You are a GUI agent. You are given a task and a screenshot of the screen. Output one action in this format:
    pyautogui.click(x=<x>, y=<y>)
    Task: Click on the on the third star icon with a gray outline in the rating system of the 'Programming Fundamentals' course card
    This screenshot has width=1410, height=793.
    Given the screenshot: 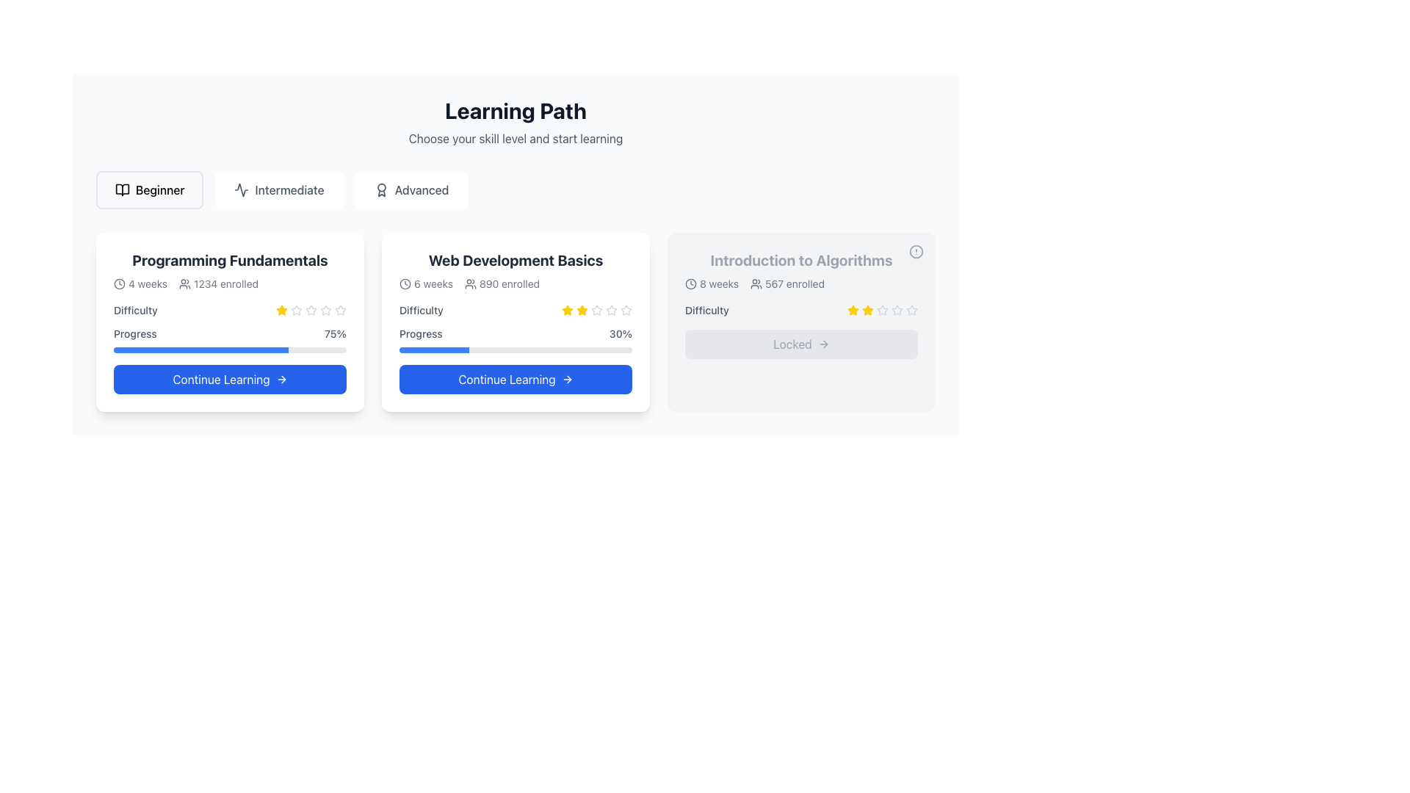 What is the action you would take?
    pyautogui.click(x=295, y=310)
    